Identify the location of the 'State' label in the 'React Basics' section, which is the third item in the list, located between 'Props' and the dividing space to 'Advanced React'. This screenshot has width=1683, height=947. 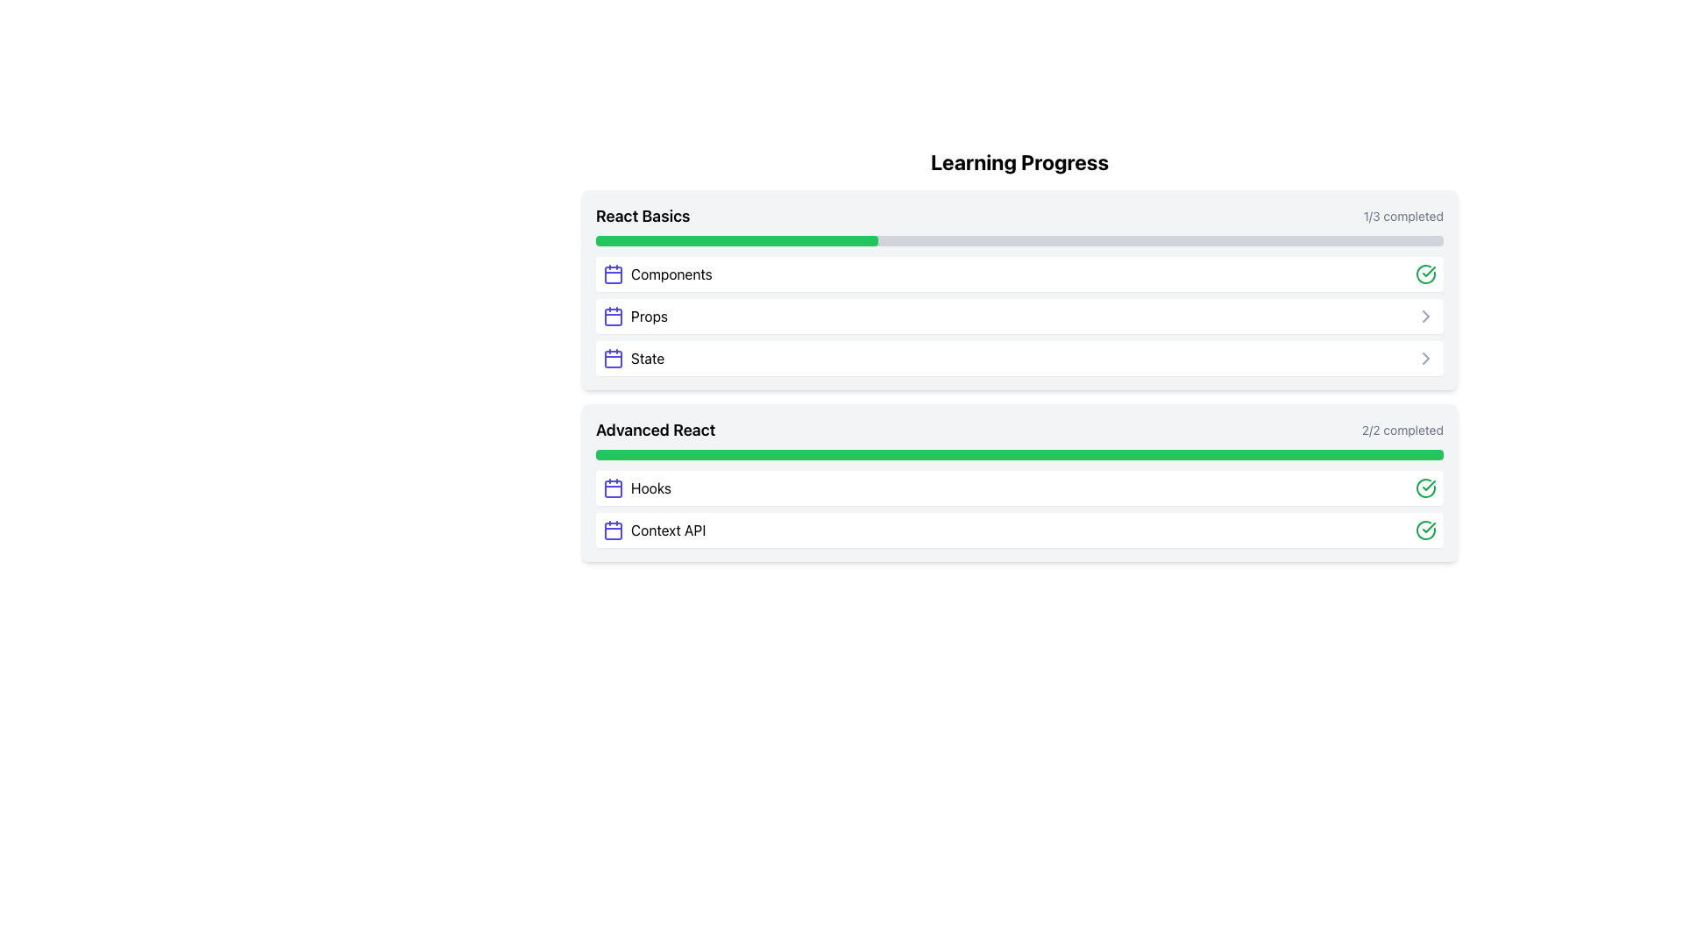
(647, 357).